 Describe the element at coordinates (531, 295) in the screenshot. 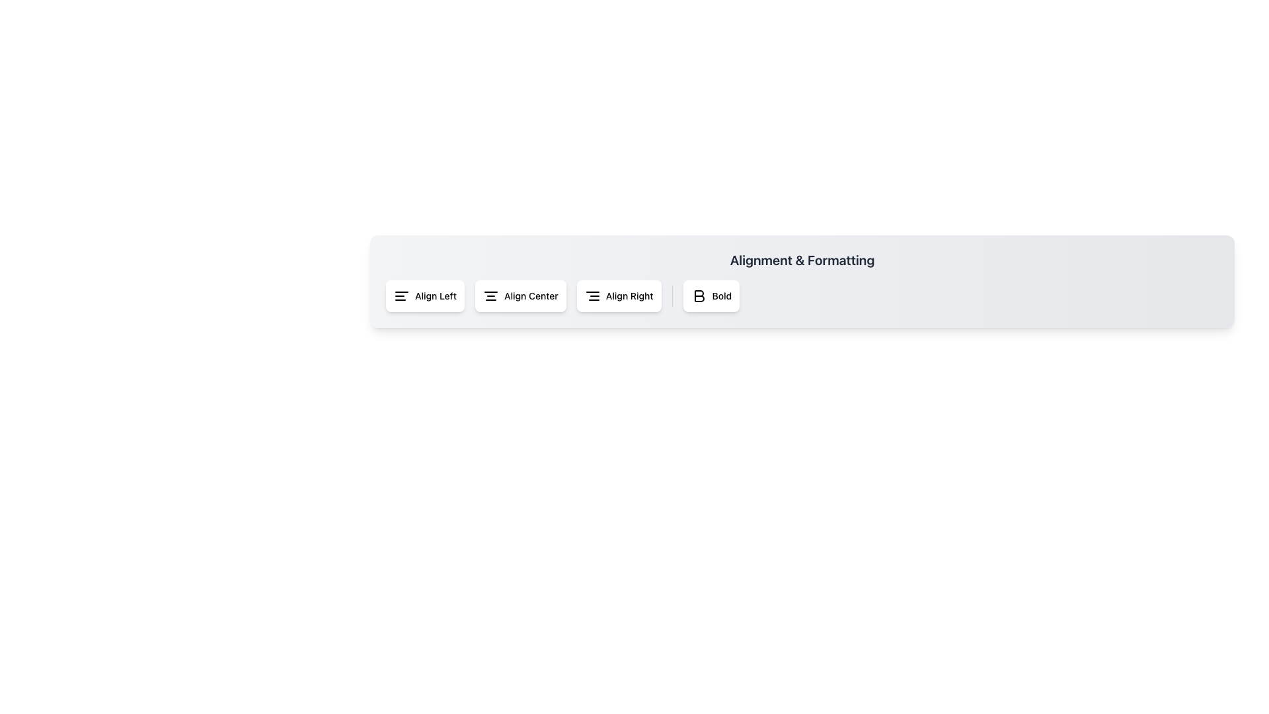

I see `the center-align button in the text editing toolbar, located between the 'Align Left' and 'Align Right' buttons` at that location.